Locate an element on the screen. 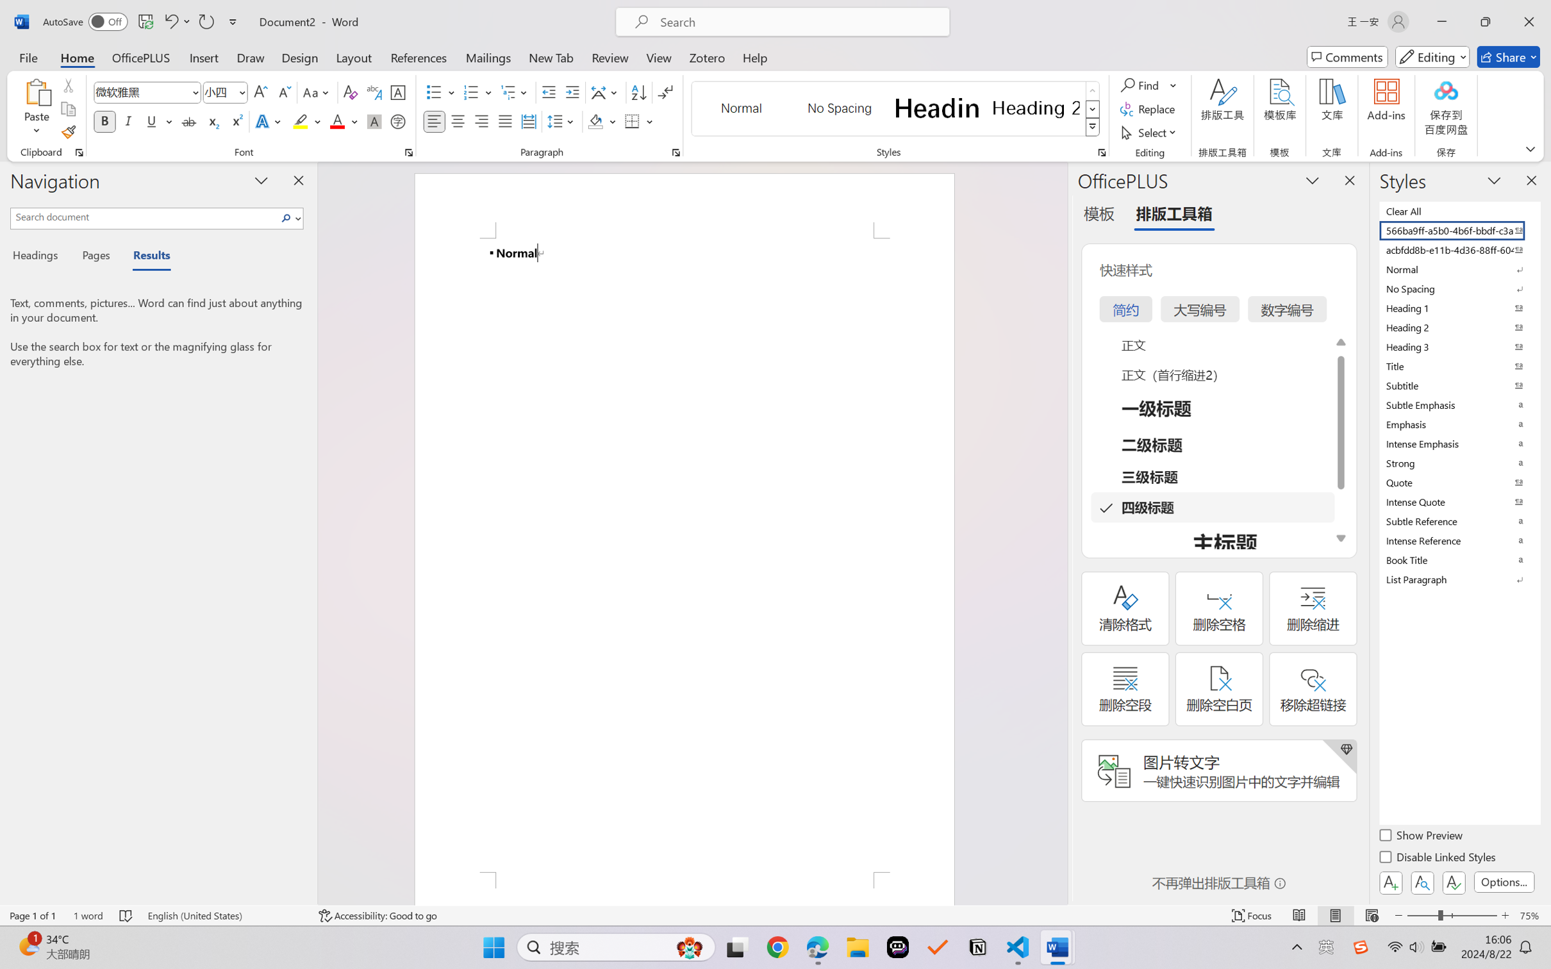 The width and height of the screenshot is (1551, 969). 'Book Title' is located at coordinates (1458, 559).